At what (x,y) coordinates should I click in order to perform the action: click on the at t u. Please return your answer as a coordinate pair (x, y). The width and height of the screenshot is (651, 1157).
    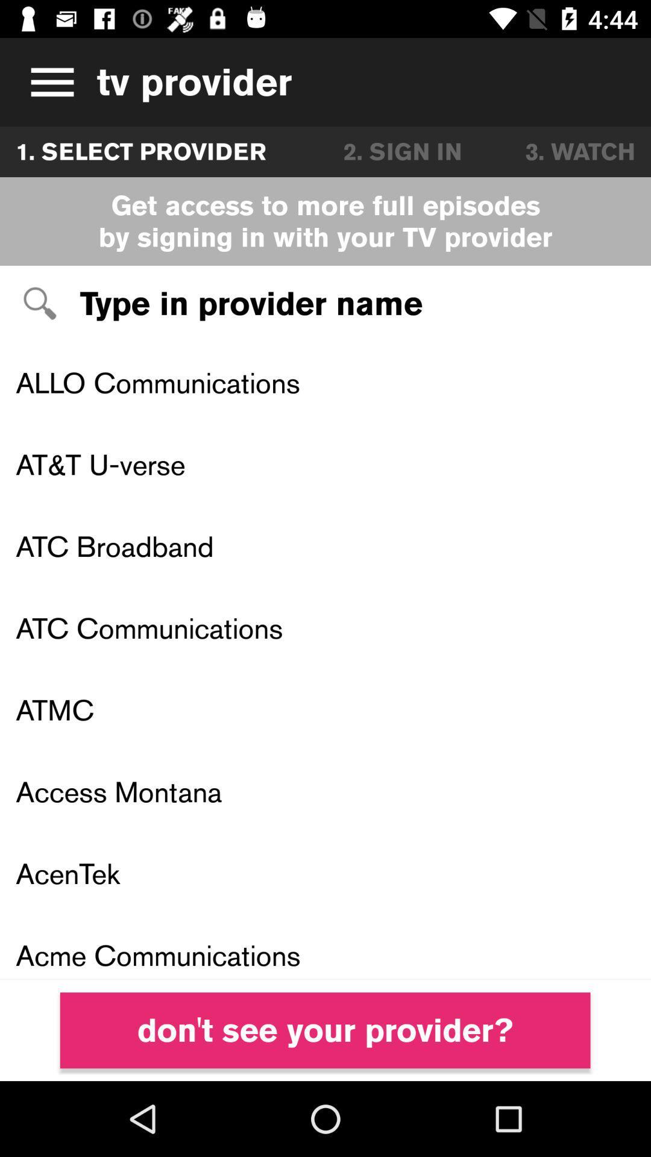
    Looking at the image, I should click on (325, 464).